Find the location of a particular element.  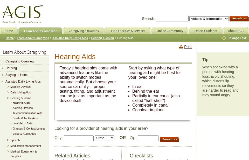

'Cochlear implant' is located at coordinates (148, 110).